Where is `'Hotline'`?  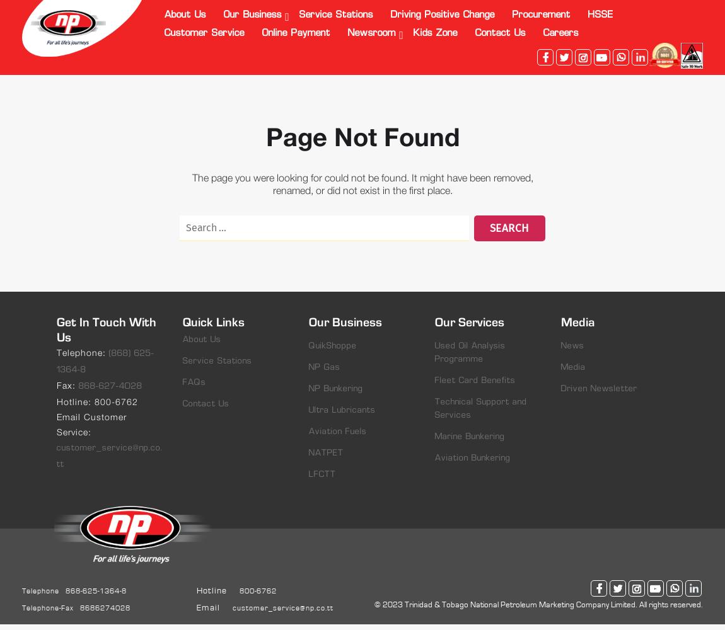
'Hotline' is located at coordinates (212, 590).